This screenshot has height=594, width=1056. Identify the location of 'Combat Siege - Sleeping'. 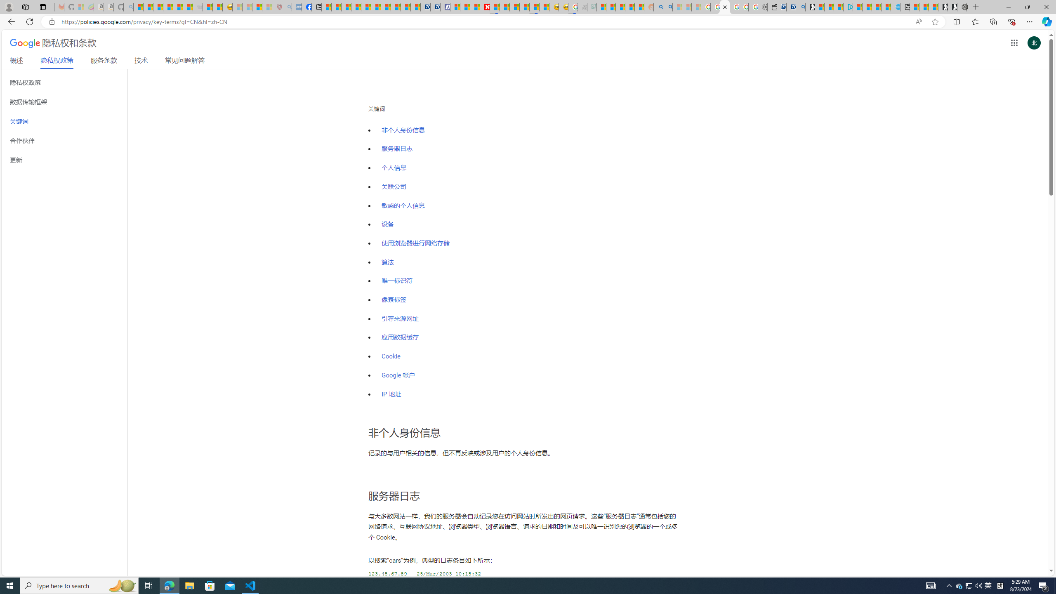
(197, 7).